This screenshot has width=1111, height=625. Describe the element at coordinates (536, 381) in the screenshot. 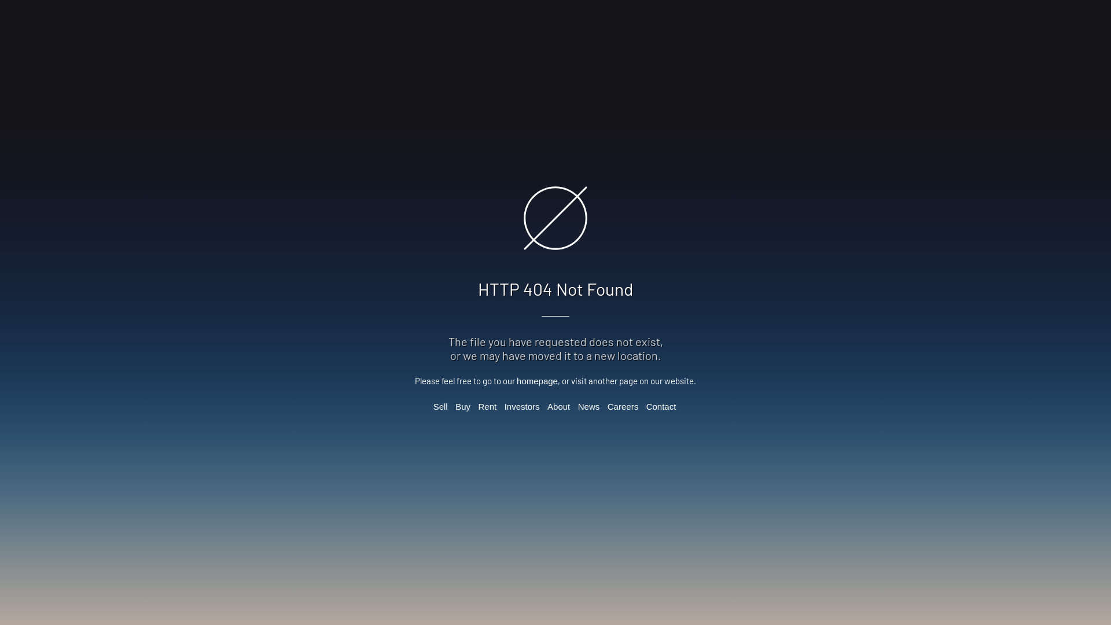

I see `'homepage'` at that location.